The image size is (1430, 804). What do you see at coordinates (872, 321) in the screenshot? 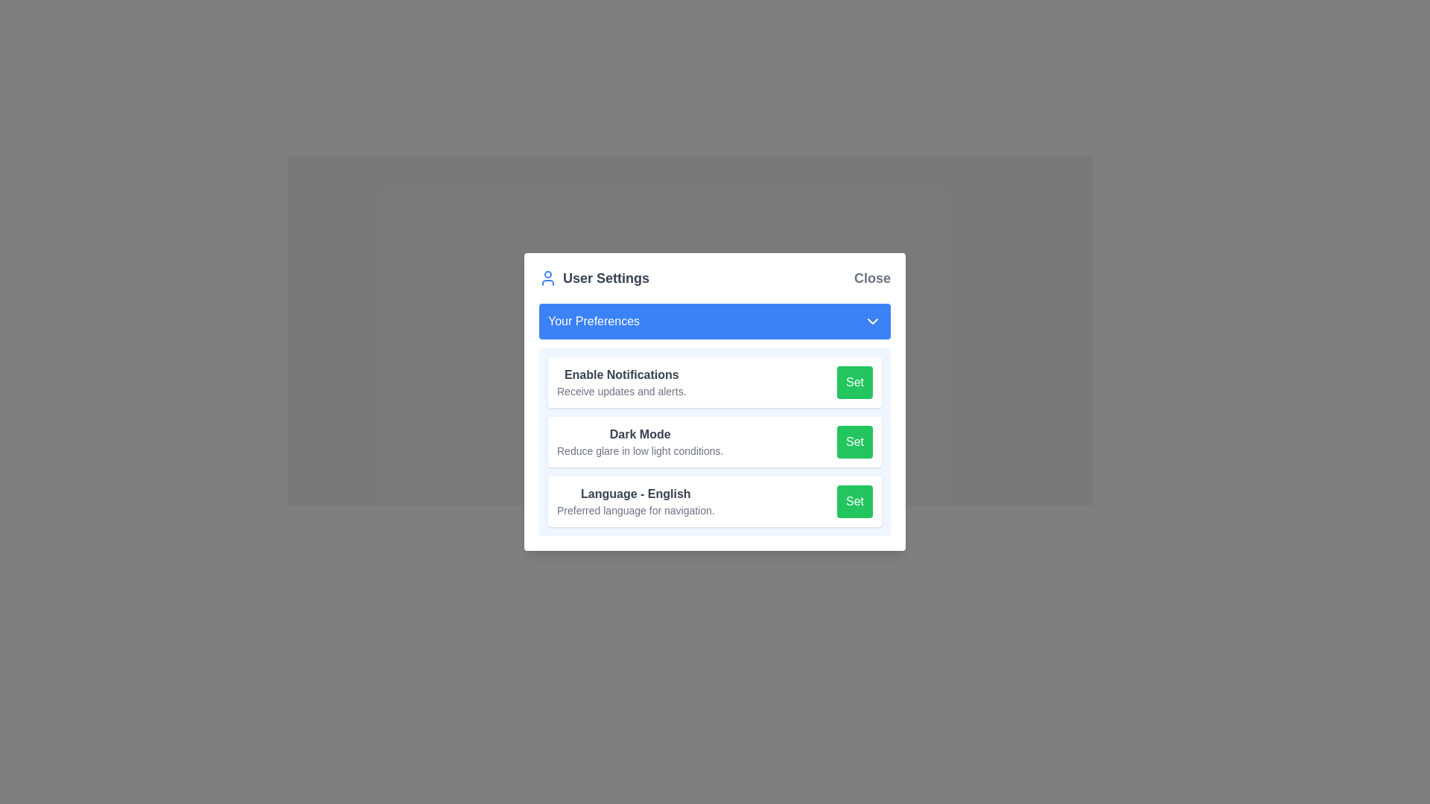
I see `the Chevron-Down icon located at the far right of the 'Your Preferences' button in the header row of the modal dialog` at bounding box center [872, 321].